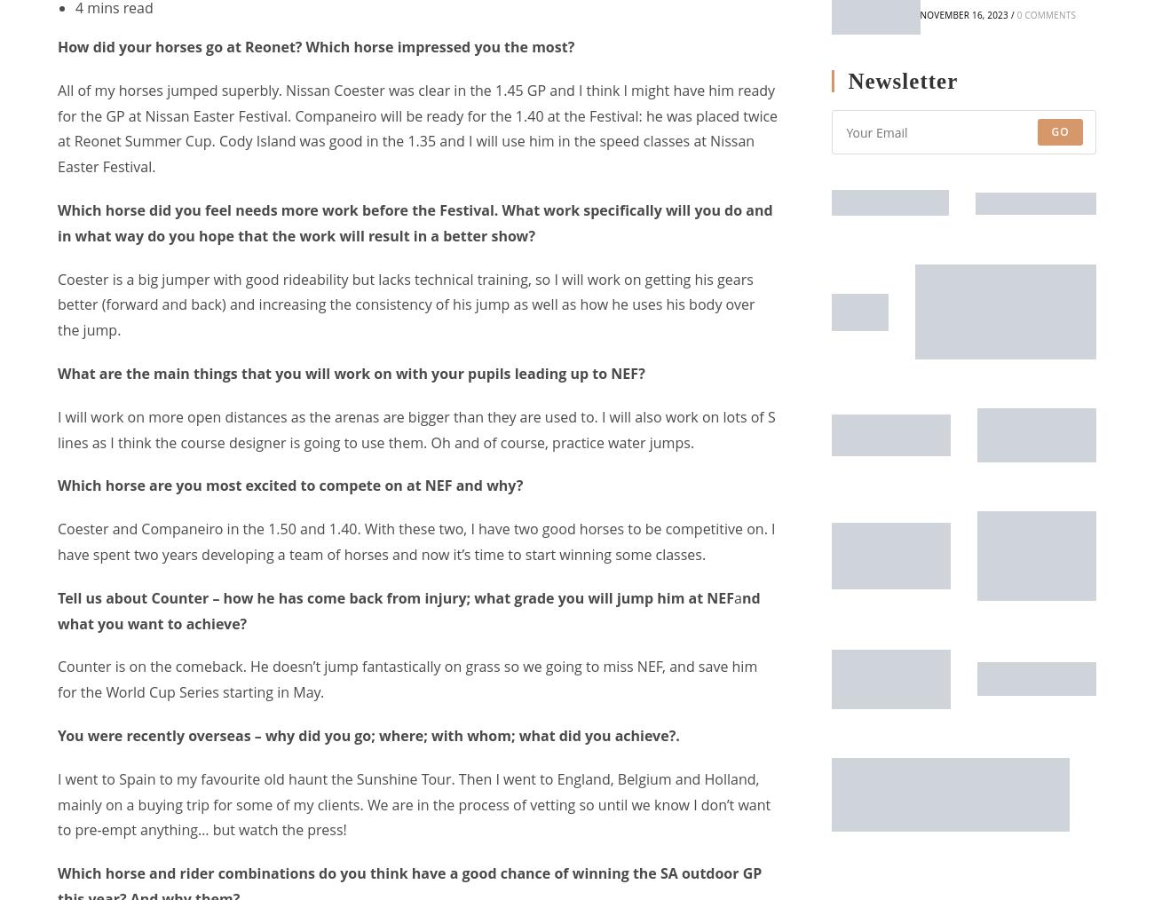 This screenshot has height=900, width=1154. Describe the element at coordinates (58, 484) in the screenshot. I see `'Which horse are you most excited to compete on at NEF and why?'` at that location.